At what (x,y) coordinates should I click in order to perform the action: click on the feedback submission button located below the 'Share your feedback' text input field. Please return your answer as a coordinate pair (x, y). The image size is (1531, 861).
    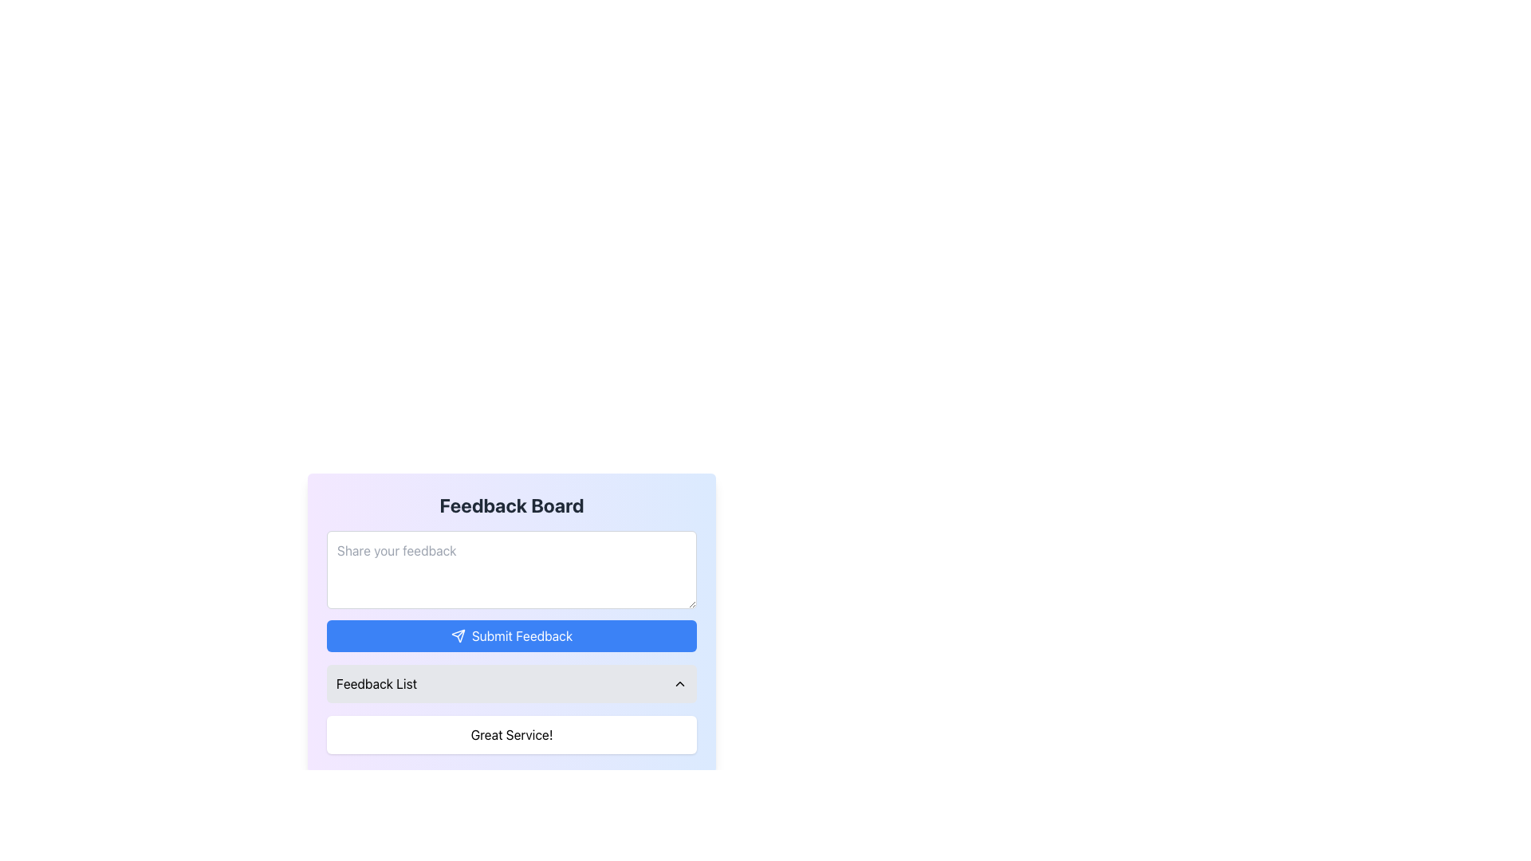
    Looking at the image, I should click on (512, 635).